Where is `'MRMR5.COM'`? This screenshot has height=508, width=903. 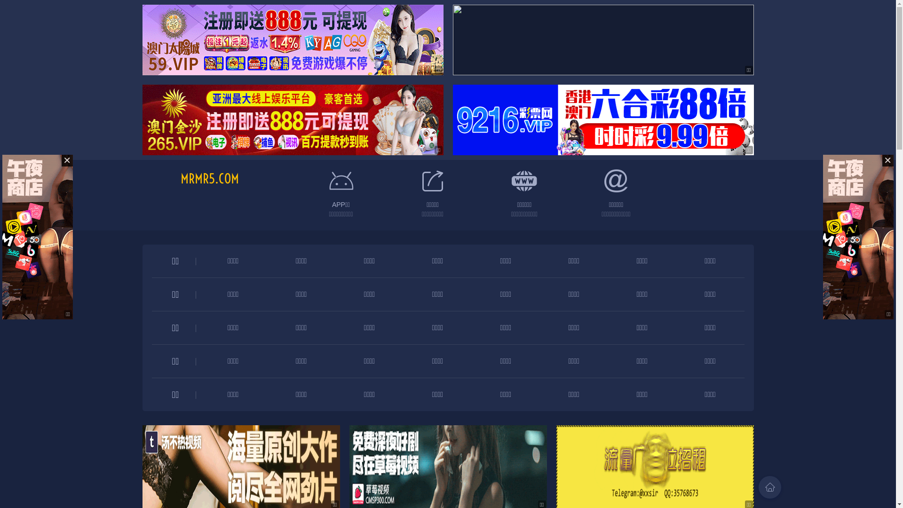 'MRMR5.COM' is located at coordinates (209, 178).